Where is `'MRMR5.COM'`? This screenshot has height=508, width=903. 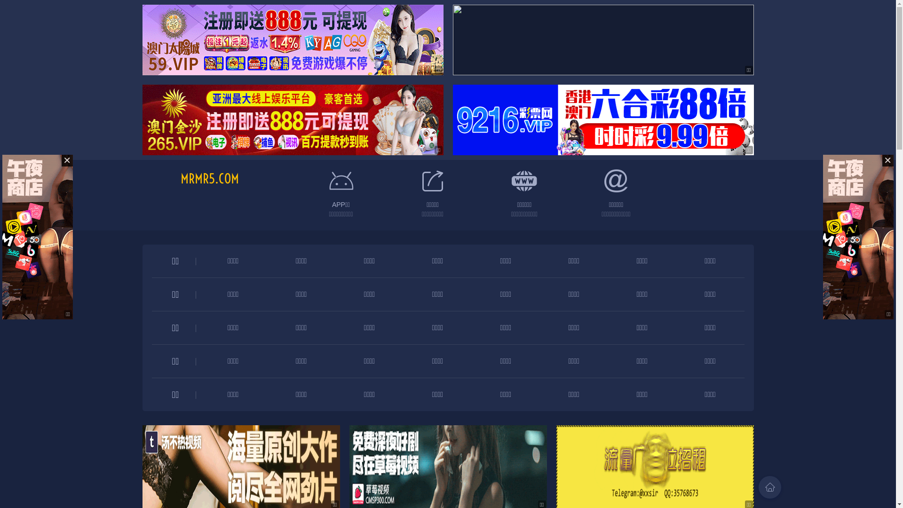 'MRMR5.COM' is located at coordinates (209, 178).